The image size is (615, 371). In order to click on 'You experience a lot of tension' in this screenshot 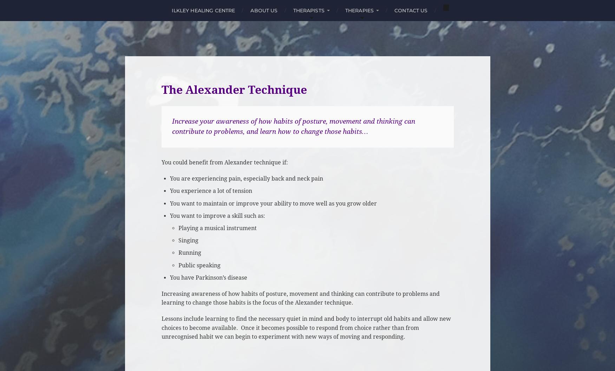, I will do `click(211, 191)`.